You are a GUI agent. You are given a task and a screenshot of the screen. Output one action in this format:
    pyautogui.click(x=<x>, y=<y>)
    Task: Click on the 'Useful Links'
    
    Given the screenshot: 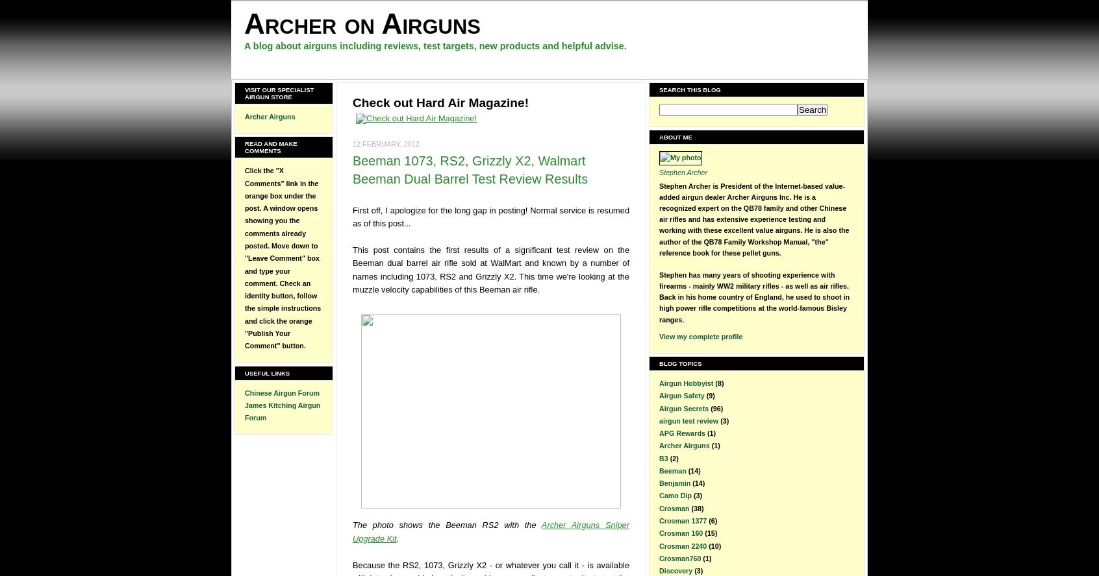 What is the action you would take?
    pyautogui.click(x=267, y=372)
    